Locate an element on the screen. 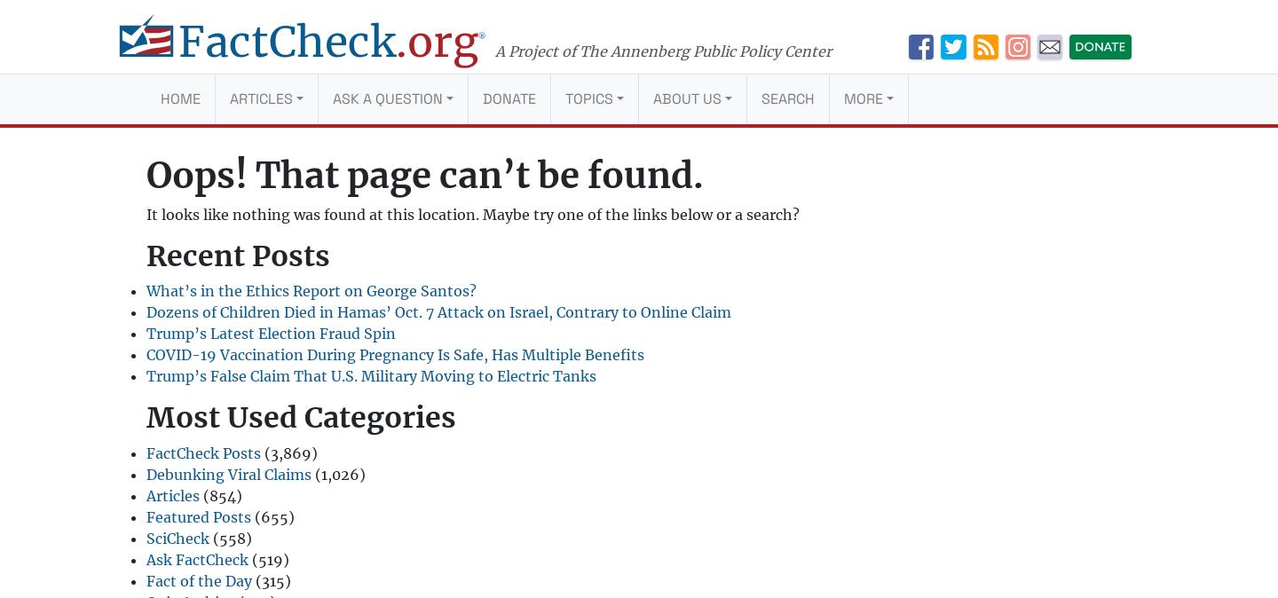 The width and height of the screenshot is (1278, 598). 'Recent Posts' is located at coordinates (146, 256).